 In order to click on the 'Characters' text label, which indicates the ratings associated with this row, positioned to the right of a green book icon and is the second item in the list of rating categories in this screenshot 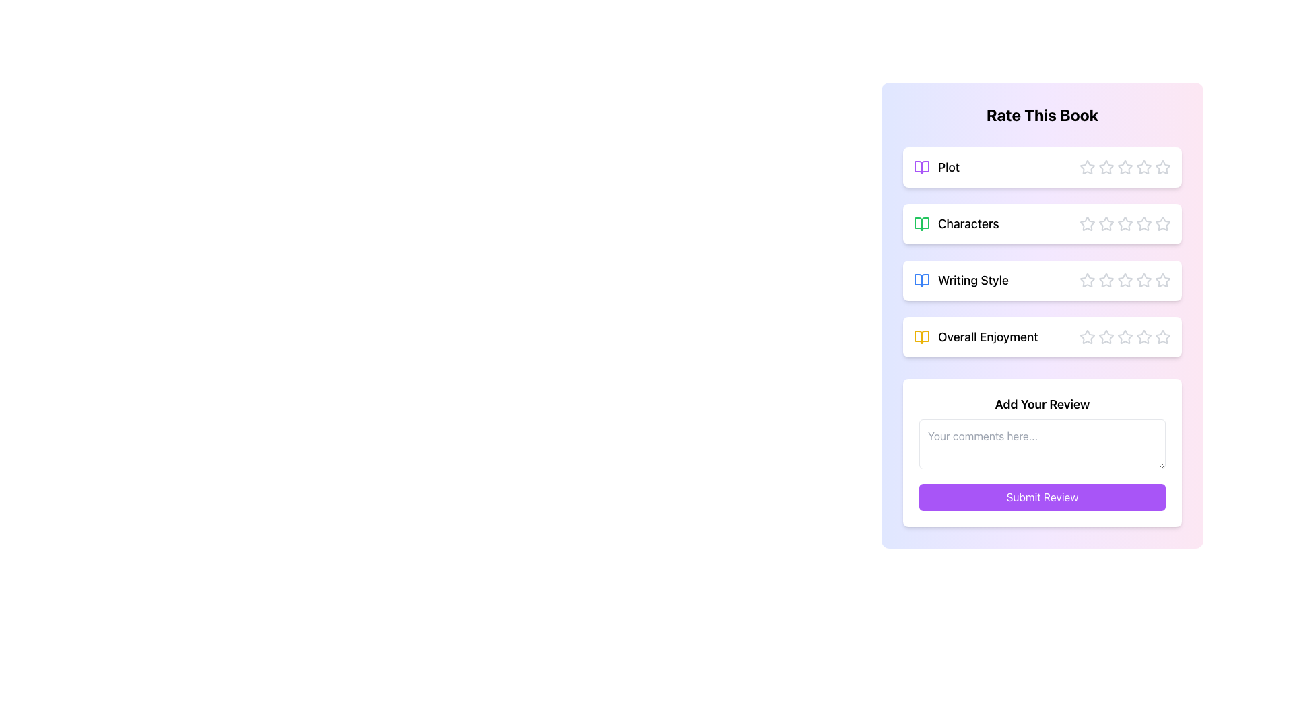, I will do `click(968, 223)`.